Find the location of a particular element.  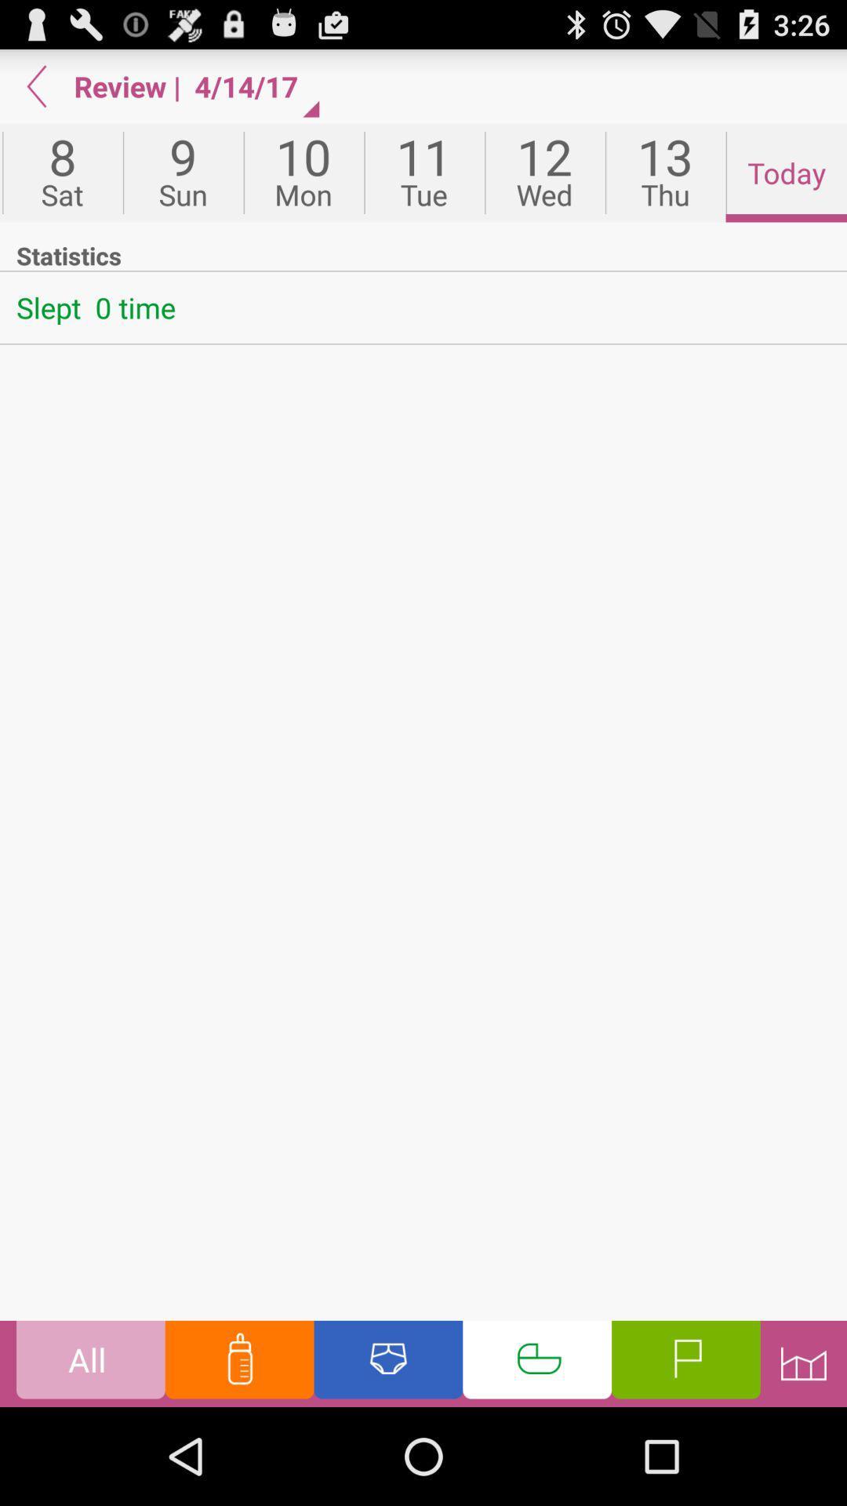

show activity graphics is located at coordinates (803, 1362).